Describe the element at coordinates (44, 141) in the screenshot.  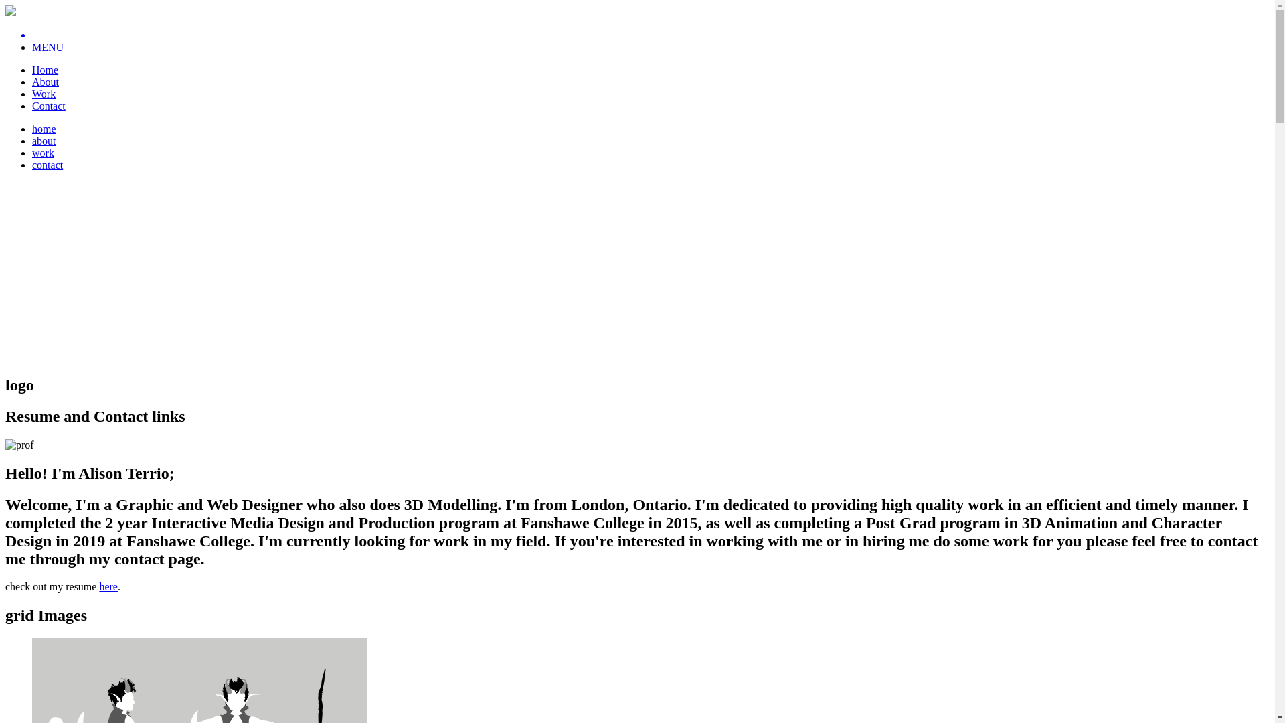
I see `'about'` at that location.